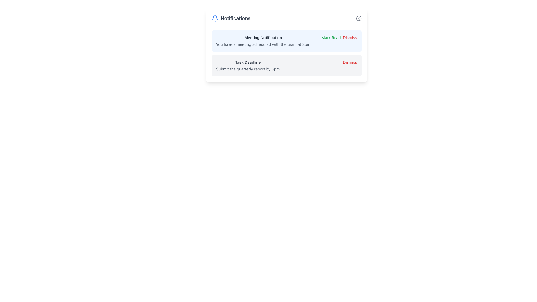  I want to click on the Text Label that serves as the title or header for the notification, positioned above the detail text 'Submit the quarterly report by 6pm.', so click(248, 62).